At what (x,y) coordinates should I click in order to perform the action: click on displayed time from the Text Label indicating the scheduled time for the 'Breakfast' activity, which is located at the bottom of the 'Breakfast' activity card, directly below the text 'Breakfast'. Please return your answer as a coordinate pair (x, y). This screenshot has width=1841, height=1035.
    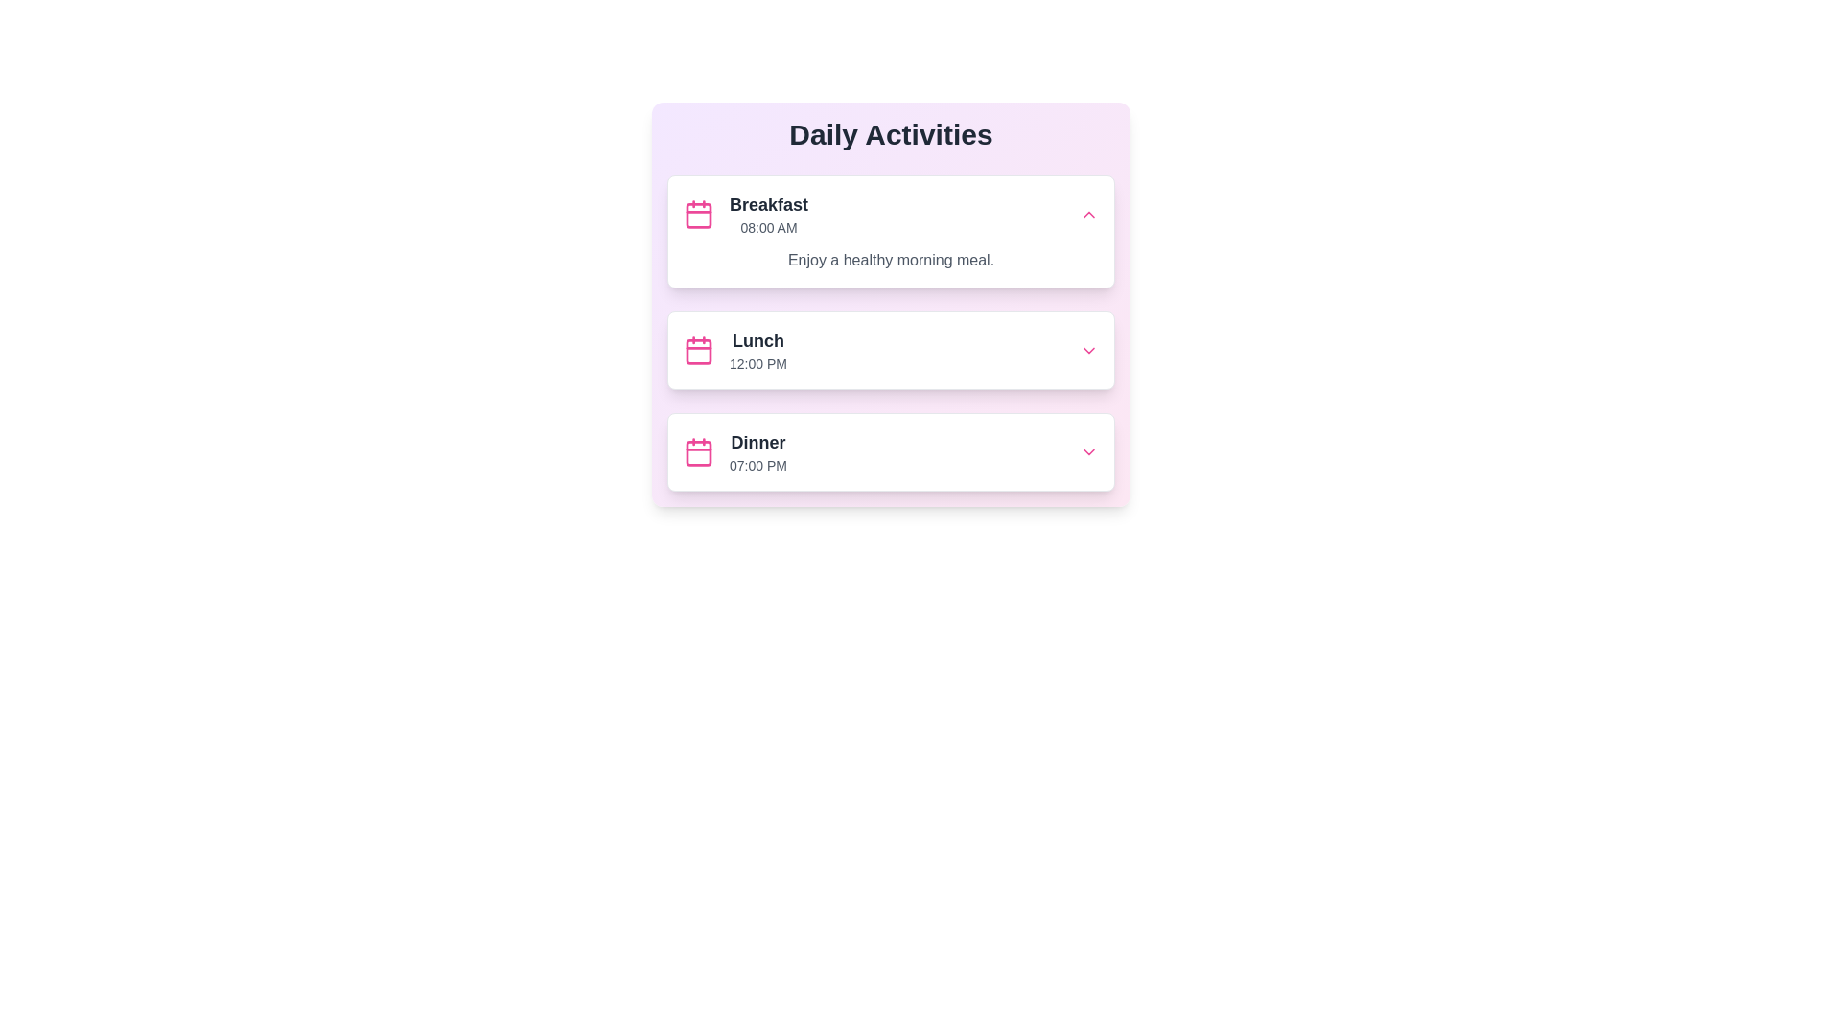
    Looking at the image, I should click on (768, 227).